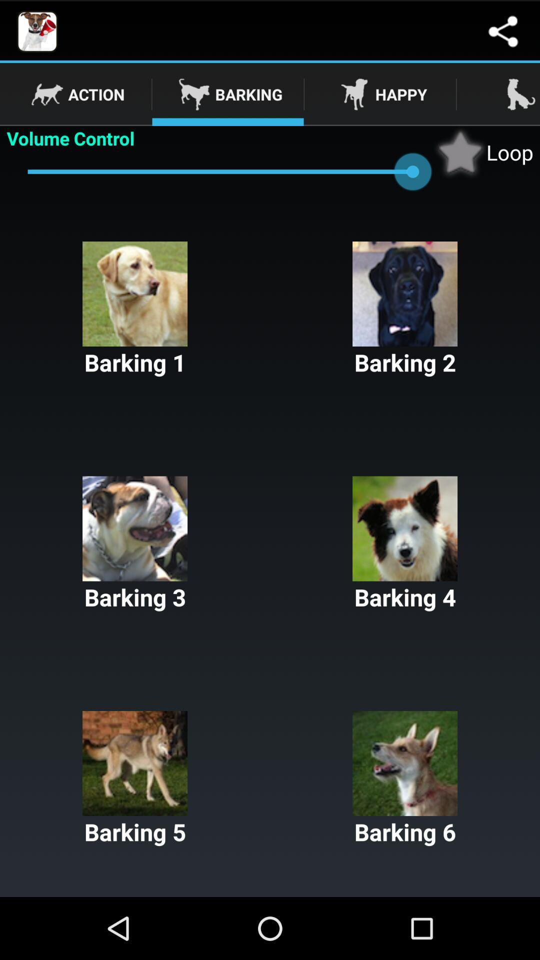 The height and width of the screenshot is (960, 540). What do you see at coordinates (483, 151) in the screenshot?
I see `loop icon` at bounding box center [483, 151].